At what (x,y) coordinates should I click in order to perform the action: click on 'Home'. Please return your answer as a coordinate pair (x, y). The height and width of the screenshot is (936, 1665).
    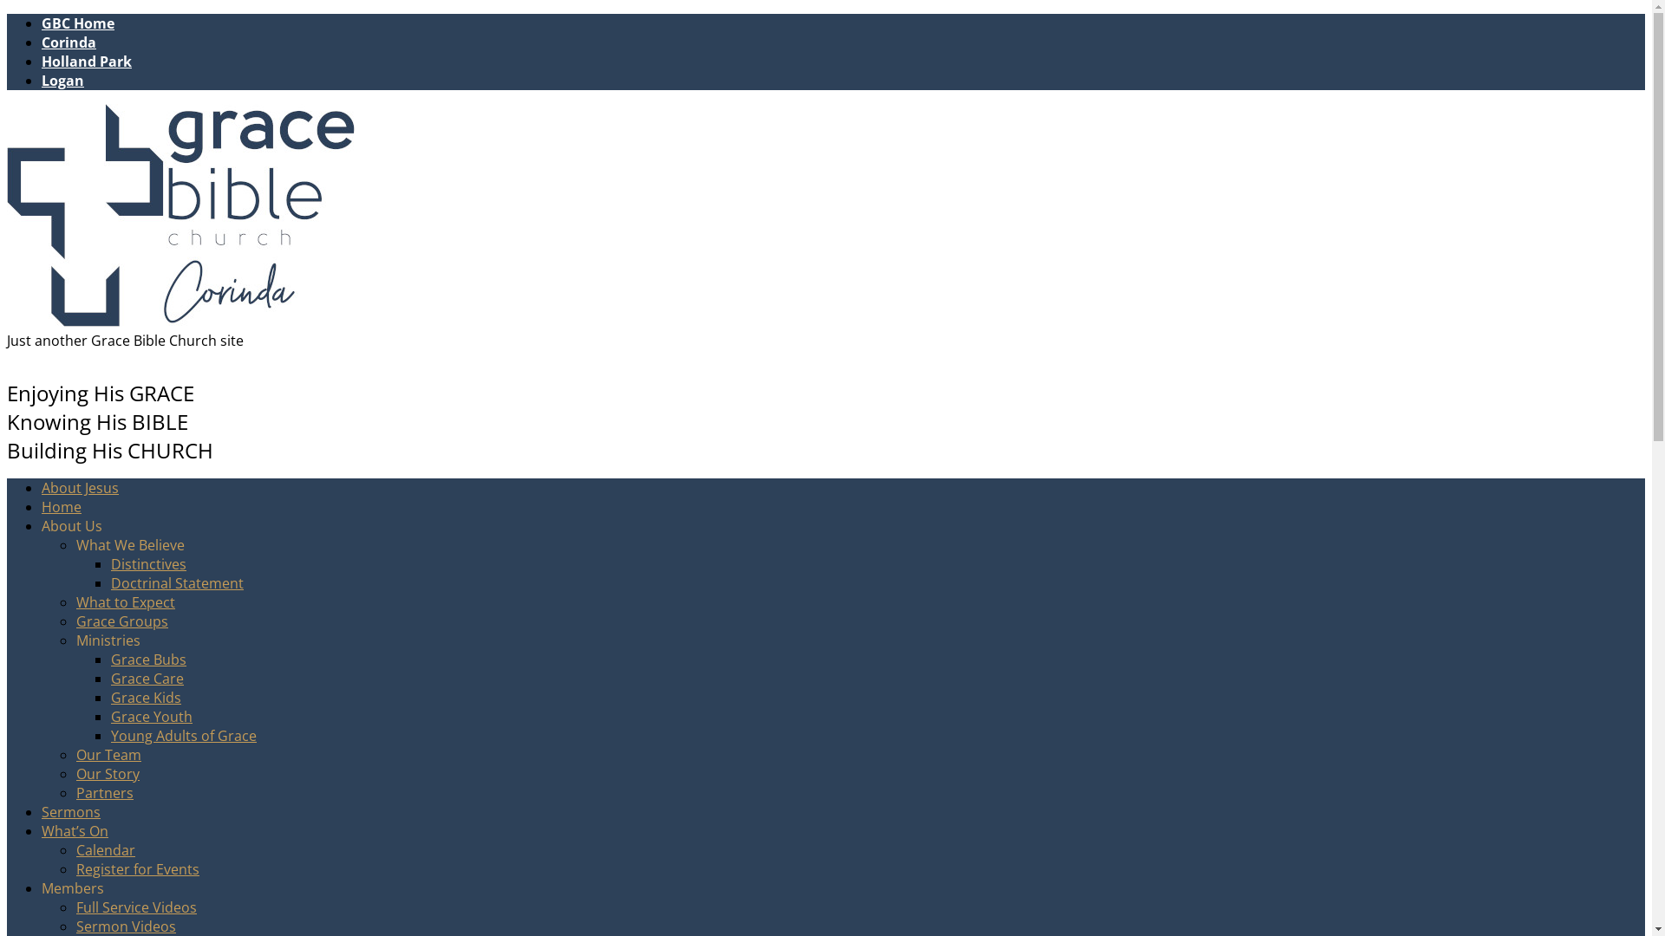
    Looking at the image, I should click on (62, 507).